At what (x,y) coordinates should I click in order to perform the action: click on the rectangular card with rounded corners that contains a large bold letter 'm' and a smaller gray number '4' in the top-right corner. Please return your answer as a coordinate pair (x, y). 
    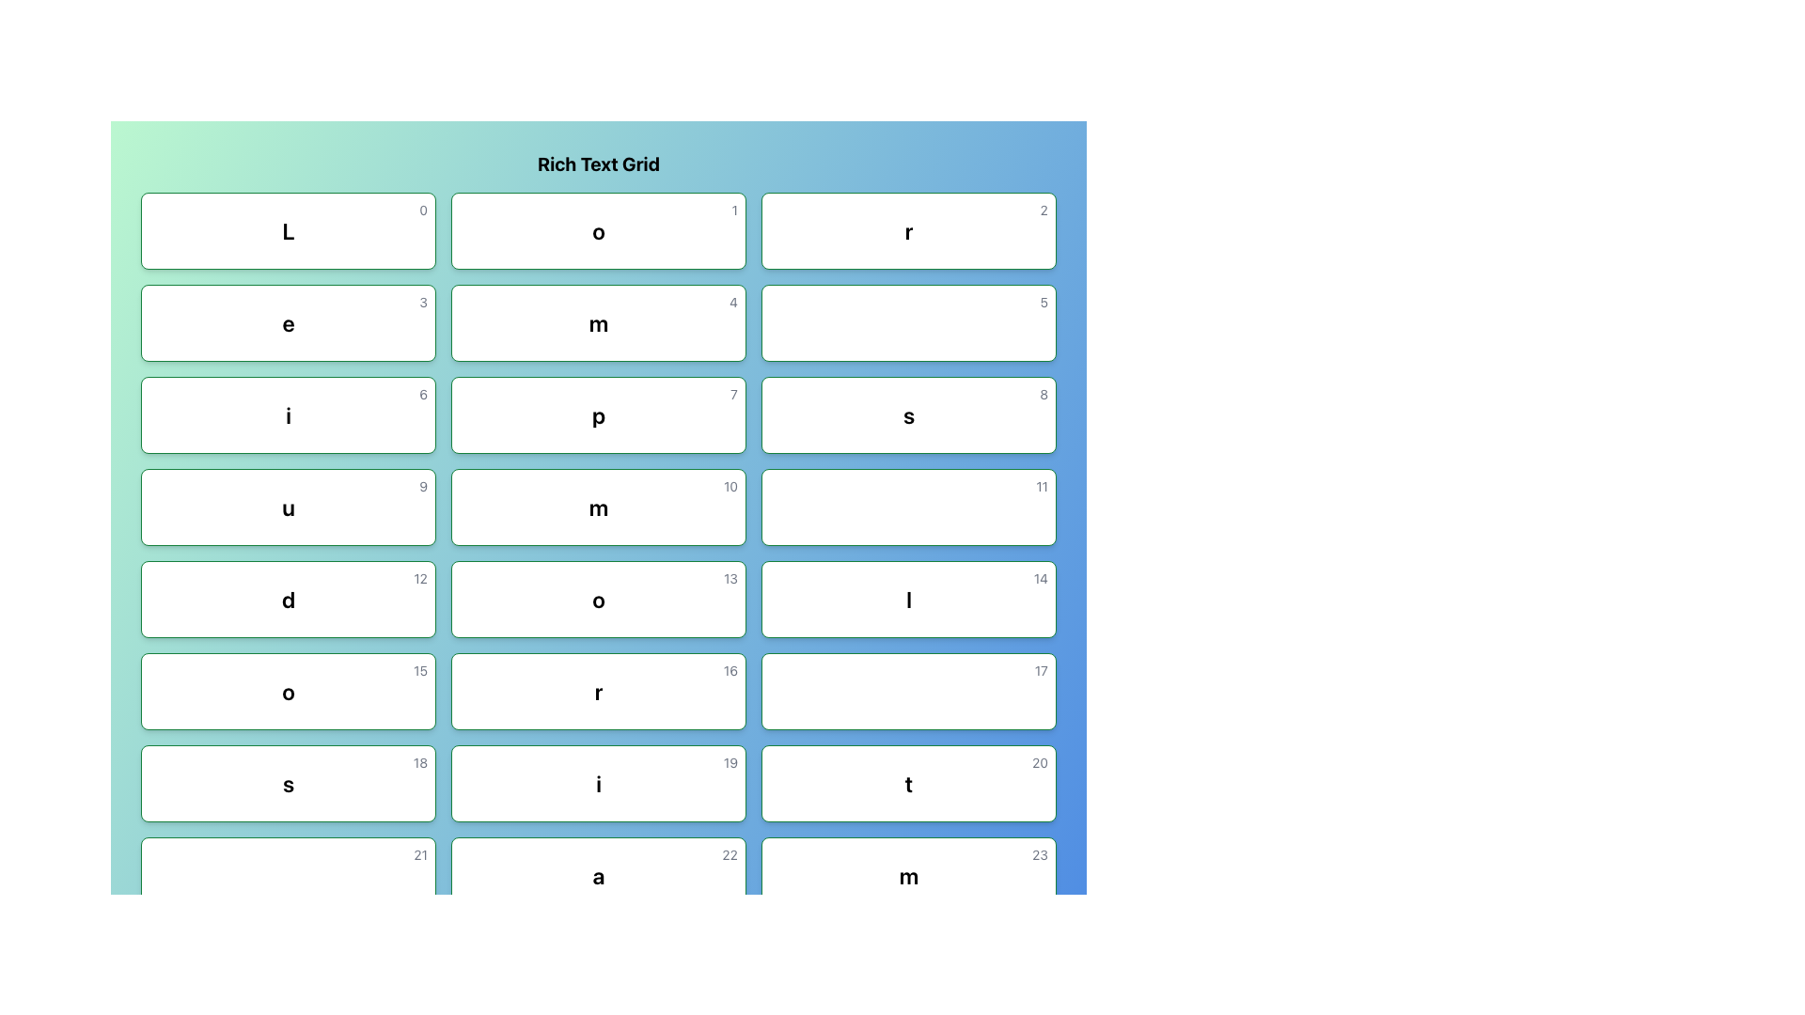
    Looking at the image, I should click on (598, 321).